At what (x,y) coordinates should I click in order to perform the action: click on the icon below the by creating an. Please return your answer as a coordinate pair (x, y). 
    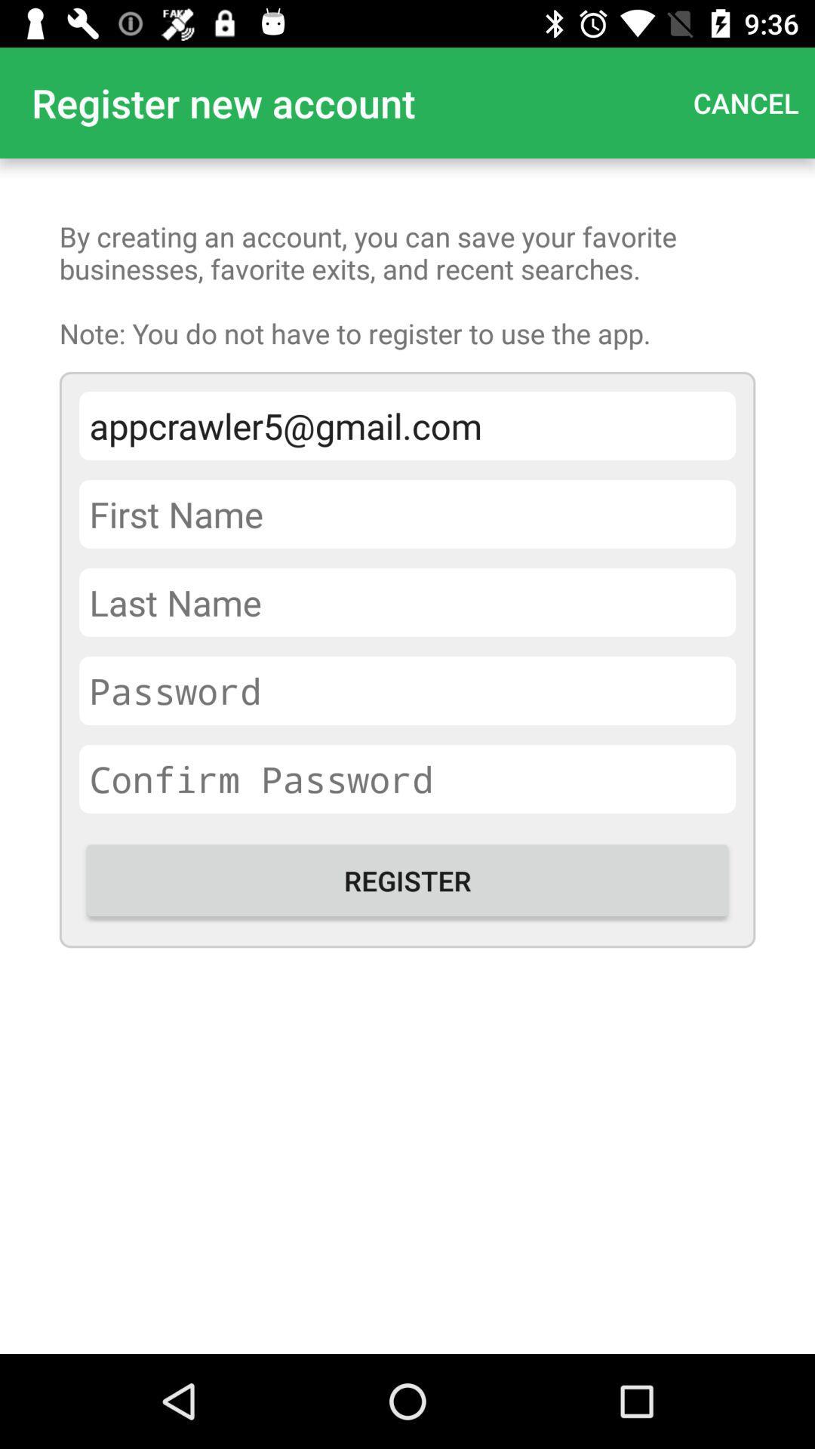
    Looking at the image, I should click on (407, 425).